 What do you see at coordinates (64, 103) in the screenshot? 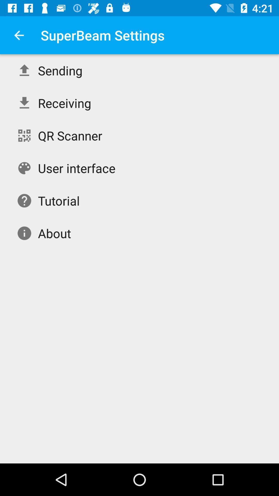
I see `the icon below the sending` at bounding box center [64, 103].